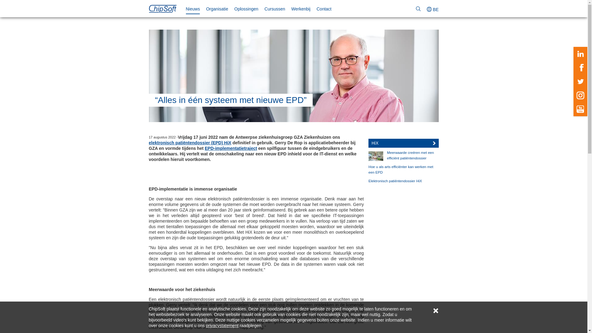  What do you see at coordinates (206, 325) in the screenshot?
I see `'privacystatement'` at bounding box center [206, 325].